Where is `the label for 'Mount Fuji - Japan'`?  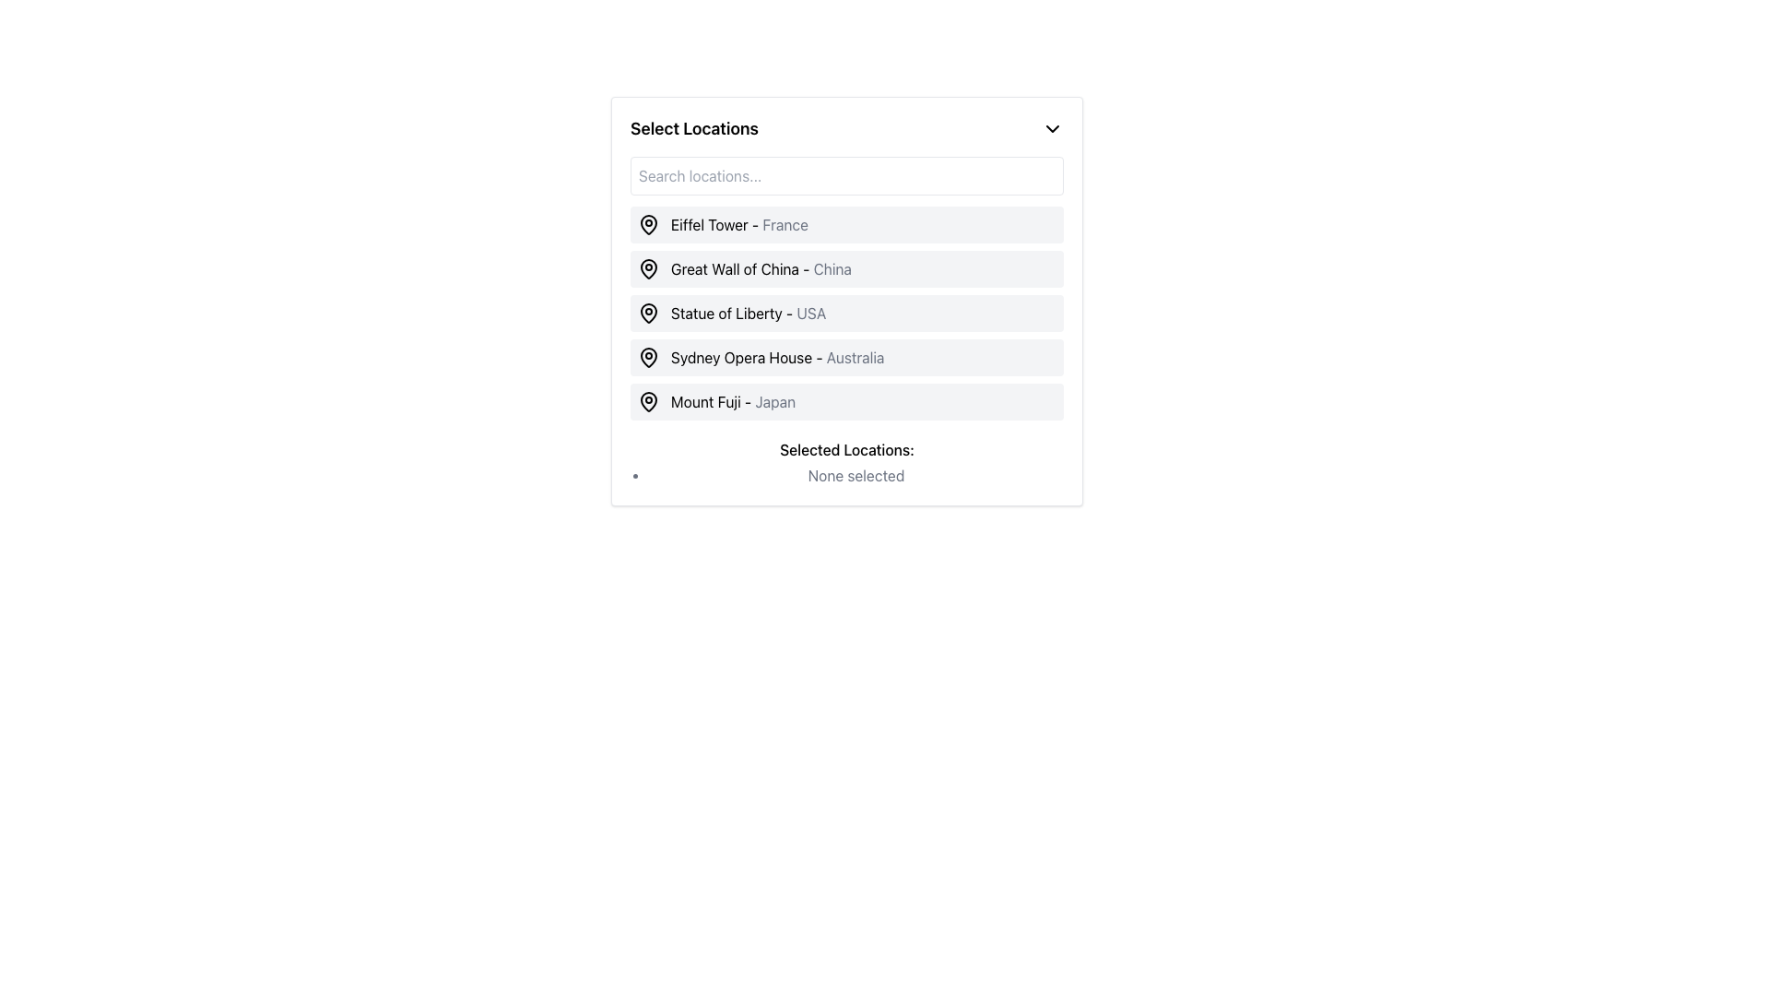
the label for 'Mount Fuji - Japan' is located at coordinates (732, 400).